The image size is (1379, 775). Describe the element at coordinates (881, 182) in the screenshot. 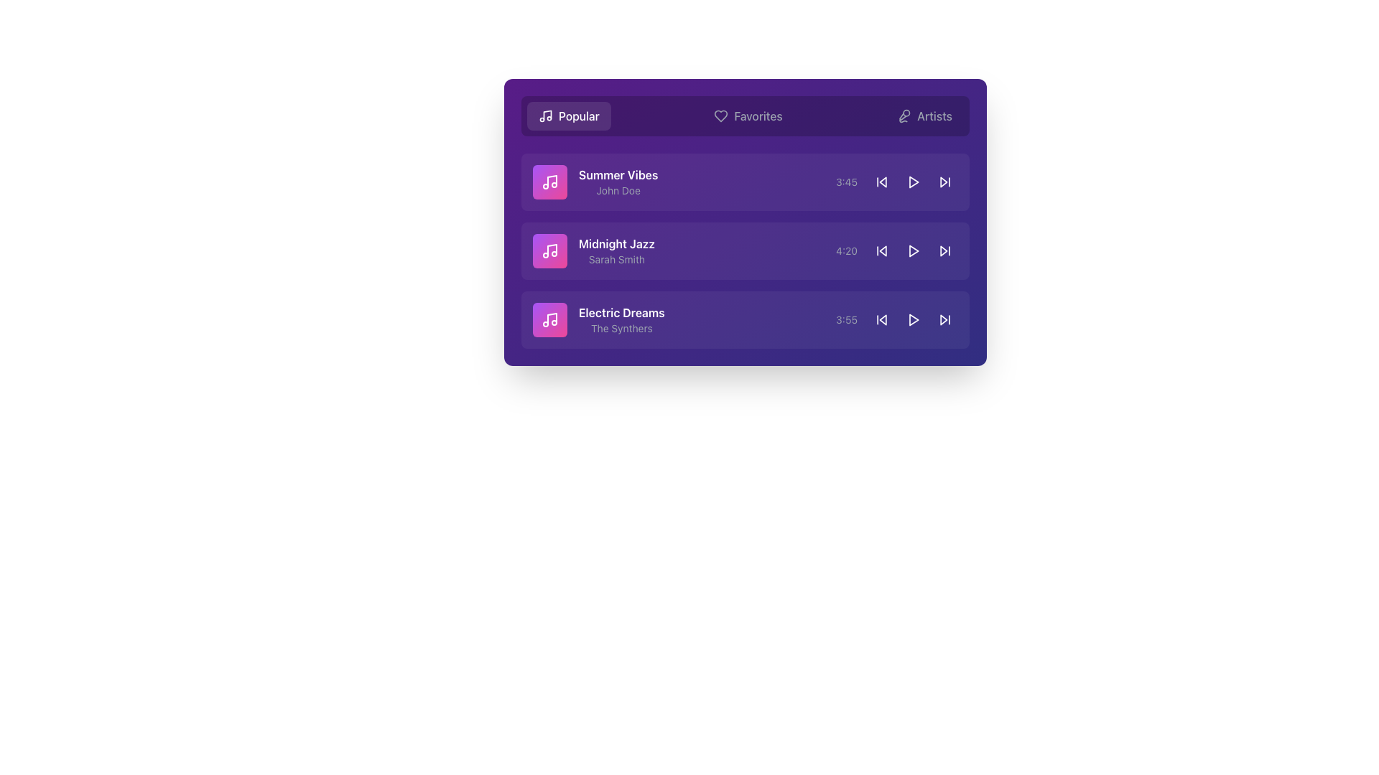

I see `the first button in the music track listing labeled 'Summer Vibes' by 'John Doe' to skip backward` at that location.